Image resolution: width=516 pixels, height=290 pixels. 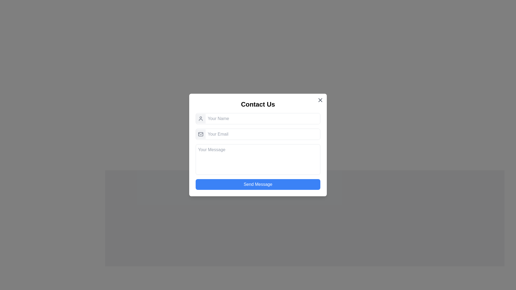 I want to click on the decorative icon associated with the 'Your Email' input field in the 'Contact Us' modal dialog box, so click(x=200, y=134).